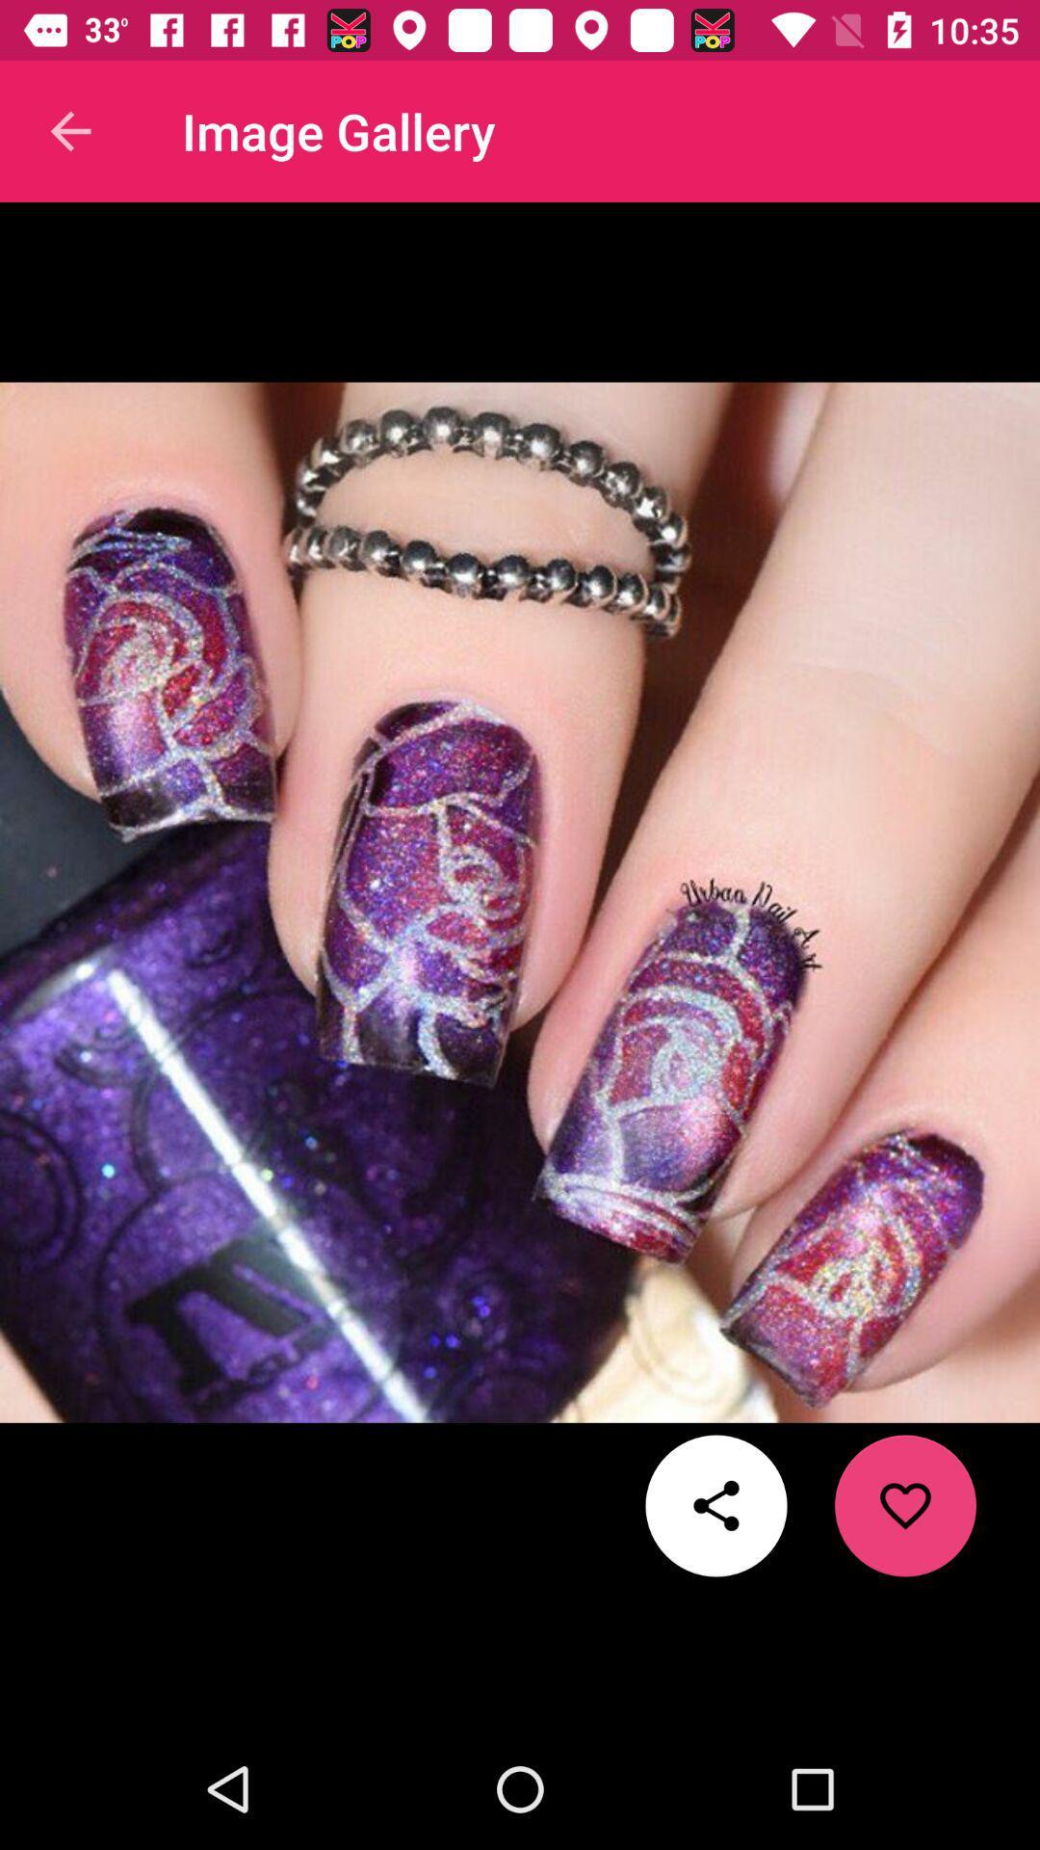 Image resolution: width=1040 pixels, height=1850 pixels. Describe the element at coordinates (69, 130) in the screenshot. I see `the icon next to the image gallery icon` at that location.